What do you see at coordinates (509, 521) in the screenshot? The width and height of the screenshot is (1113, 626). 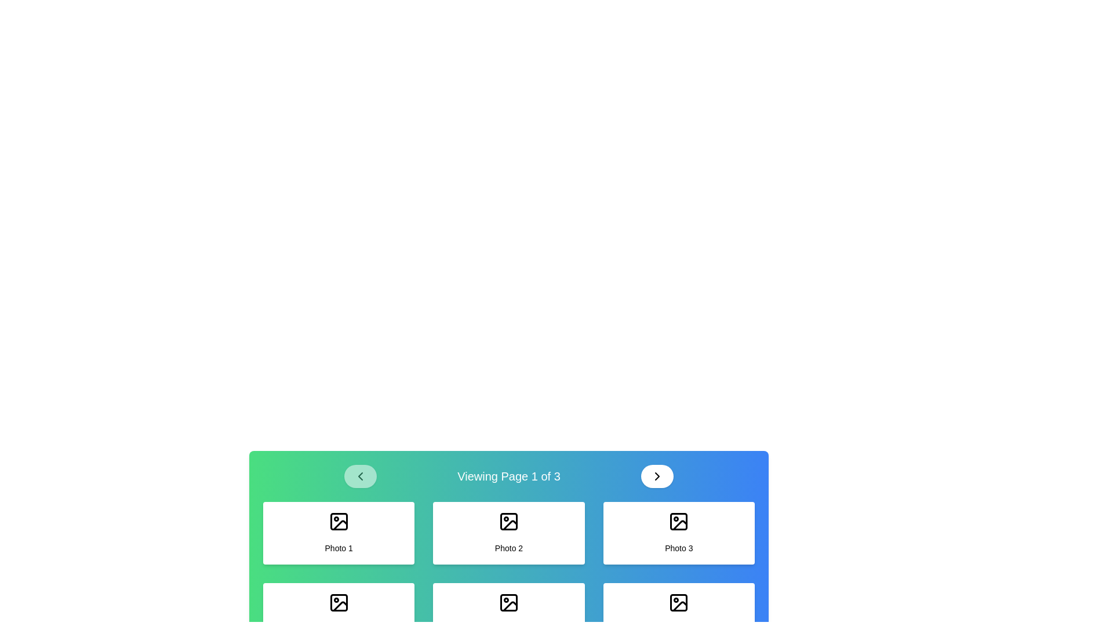 I see `the image upload icon located in the center card labeled 'Photo 2' within the top row of three cards` at bounding box center [509, 521].